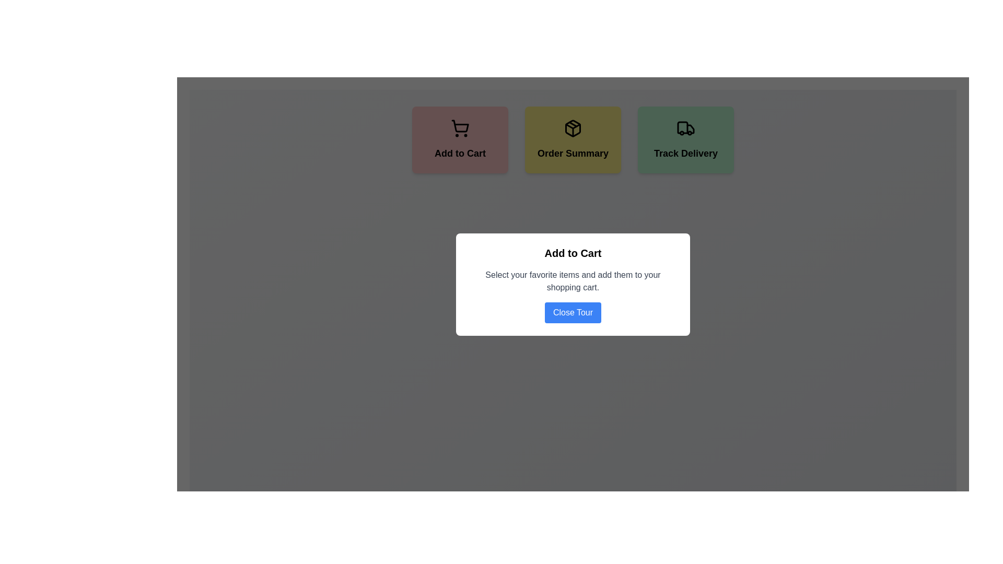  What do you see at coordinates (573, 153) in the screenshot?
I see `the 'Order Summary' label, which displays the text in a bold font style, located within a yellow rectangular card in the center of the UI` at bounding box center [573, 153].